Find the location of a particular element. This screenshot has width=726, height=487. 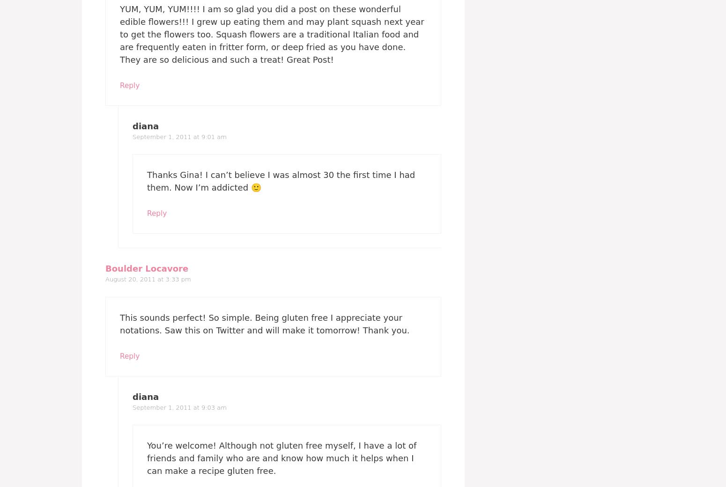

'Boulder Locavore' is located at coordinates (146, 268).